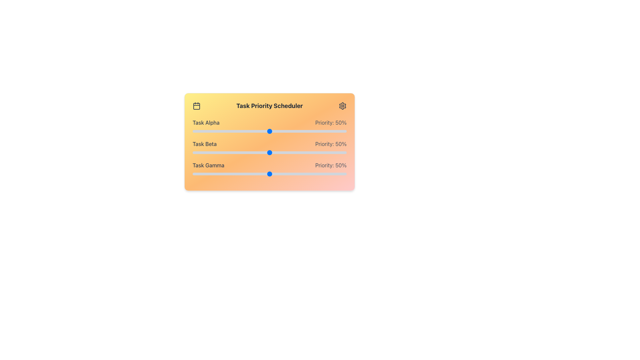 Image resolution: width=640 pixels, height=360 pixels. I want to click on the priority of Task Beta, so click(298, 153).